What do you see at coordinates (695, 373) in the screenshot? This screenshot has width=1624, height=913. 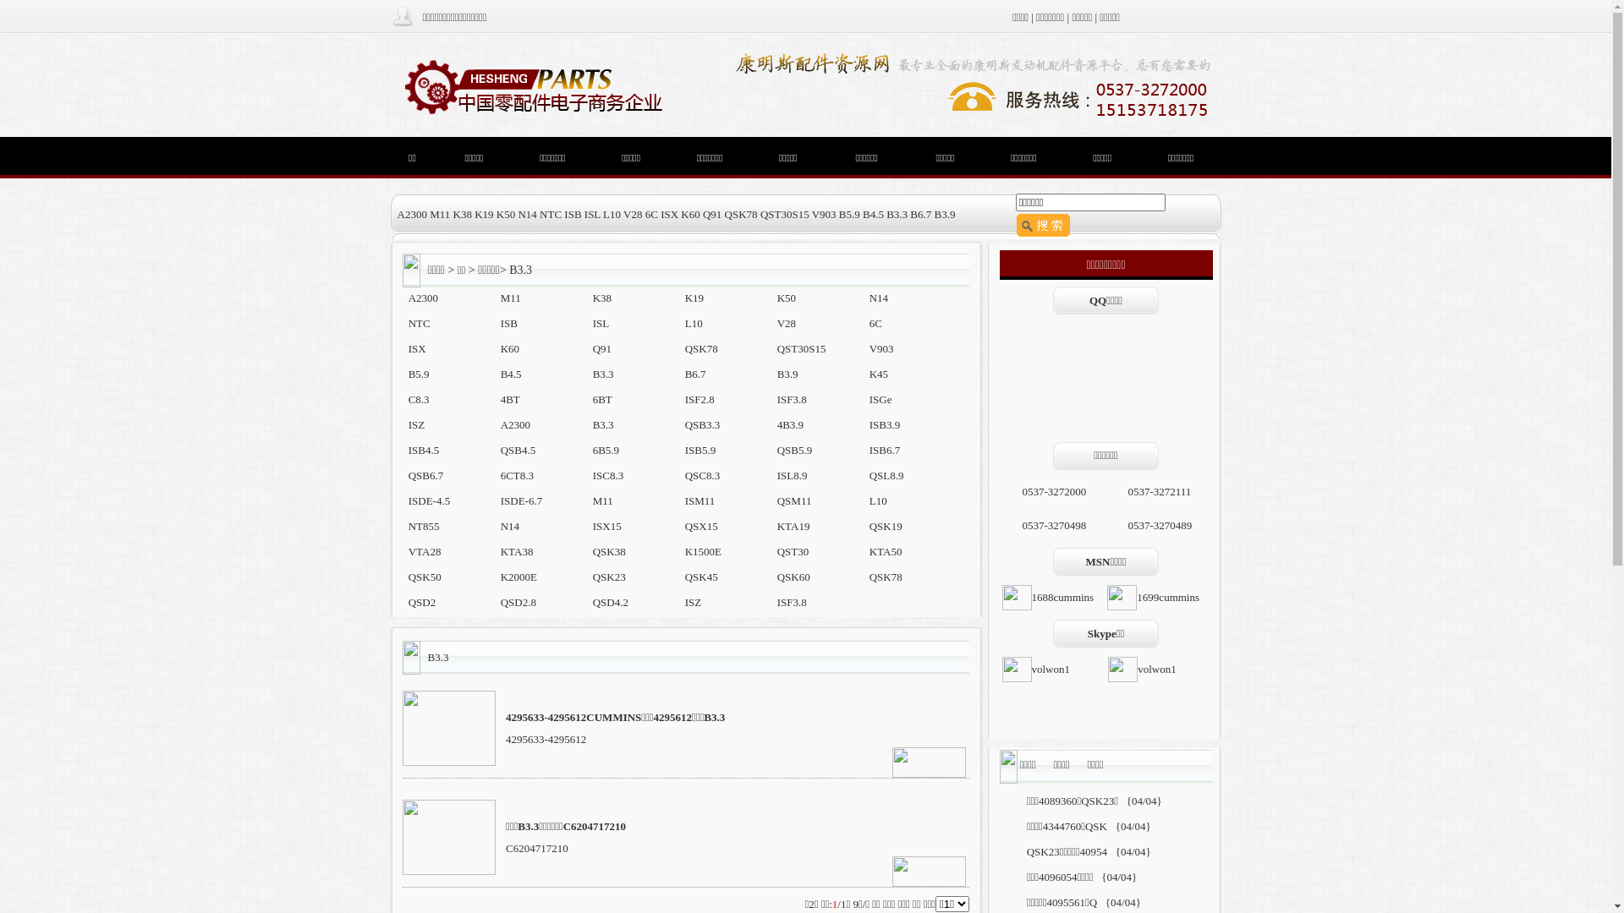 I see `'B6.7'` at bounding box center [695, 373].